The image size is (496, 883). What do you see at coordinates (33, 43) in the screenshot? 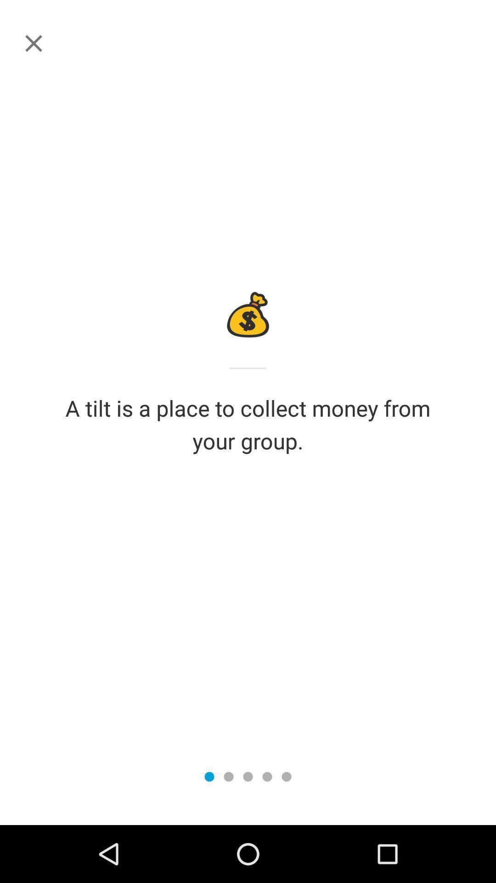
I see `this page` at bounding box center [33, 43].